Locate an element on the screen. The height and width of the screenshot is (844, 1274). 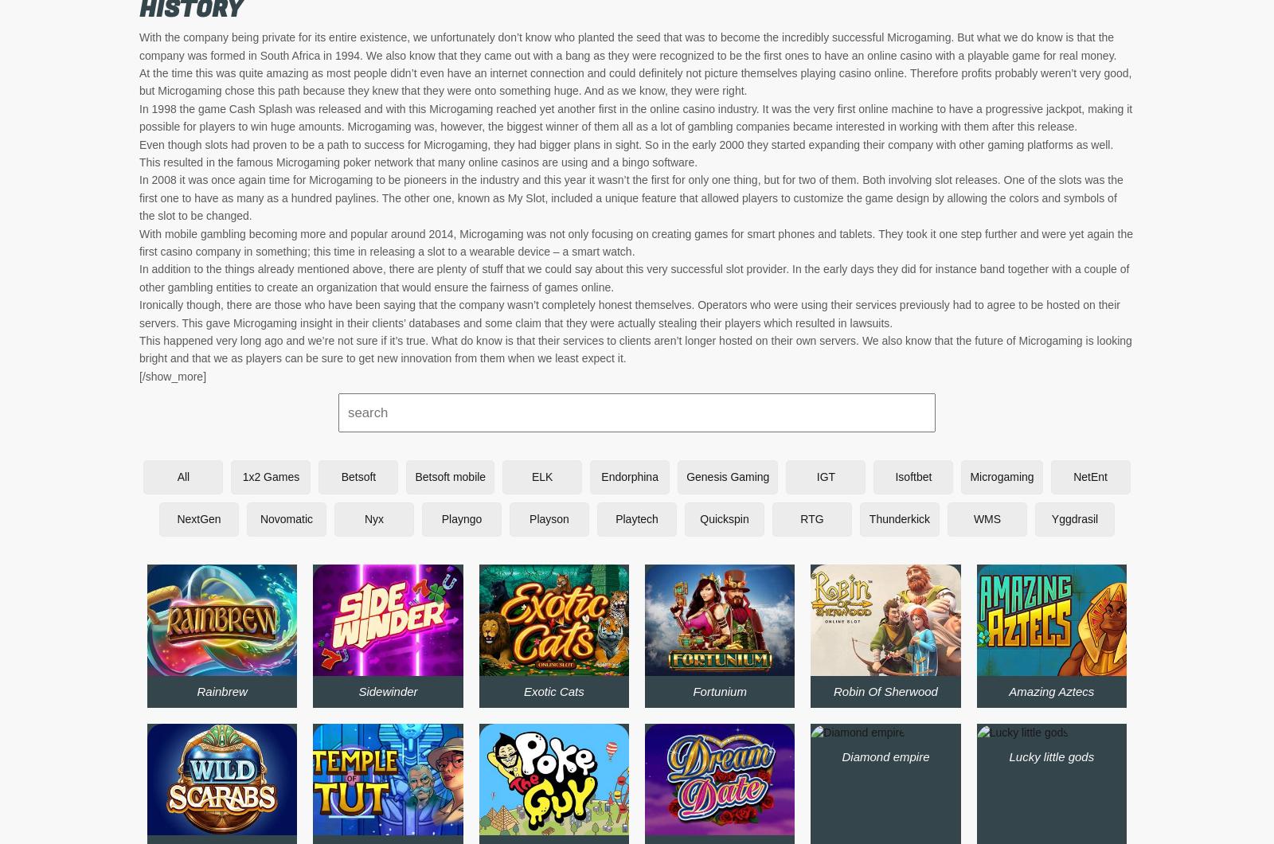
'Big Kahuna' is located at coordinates (1020, 510).